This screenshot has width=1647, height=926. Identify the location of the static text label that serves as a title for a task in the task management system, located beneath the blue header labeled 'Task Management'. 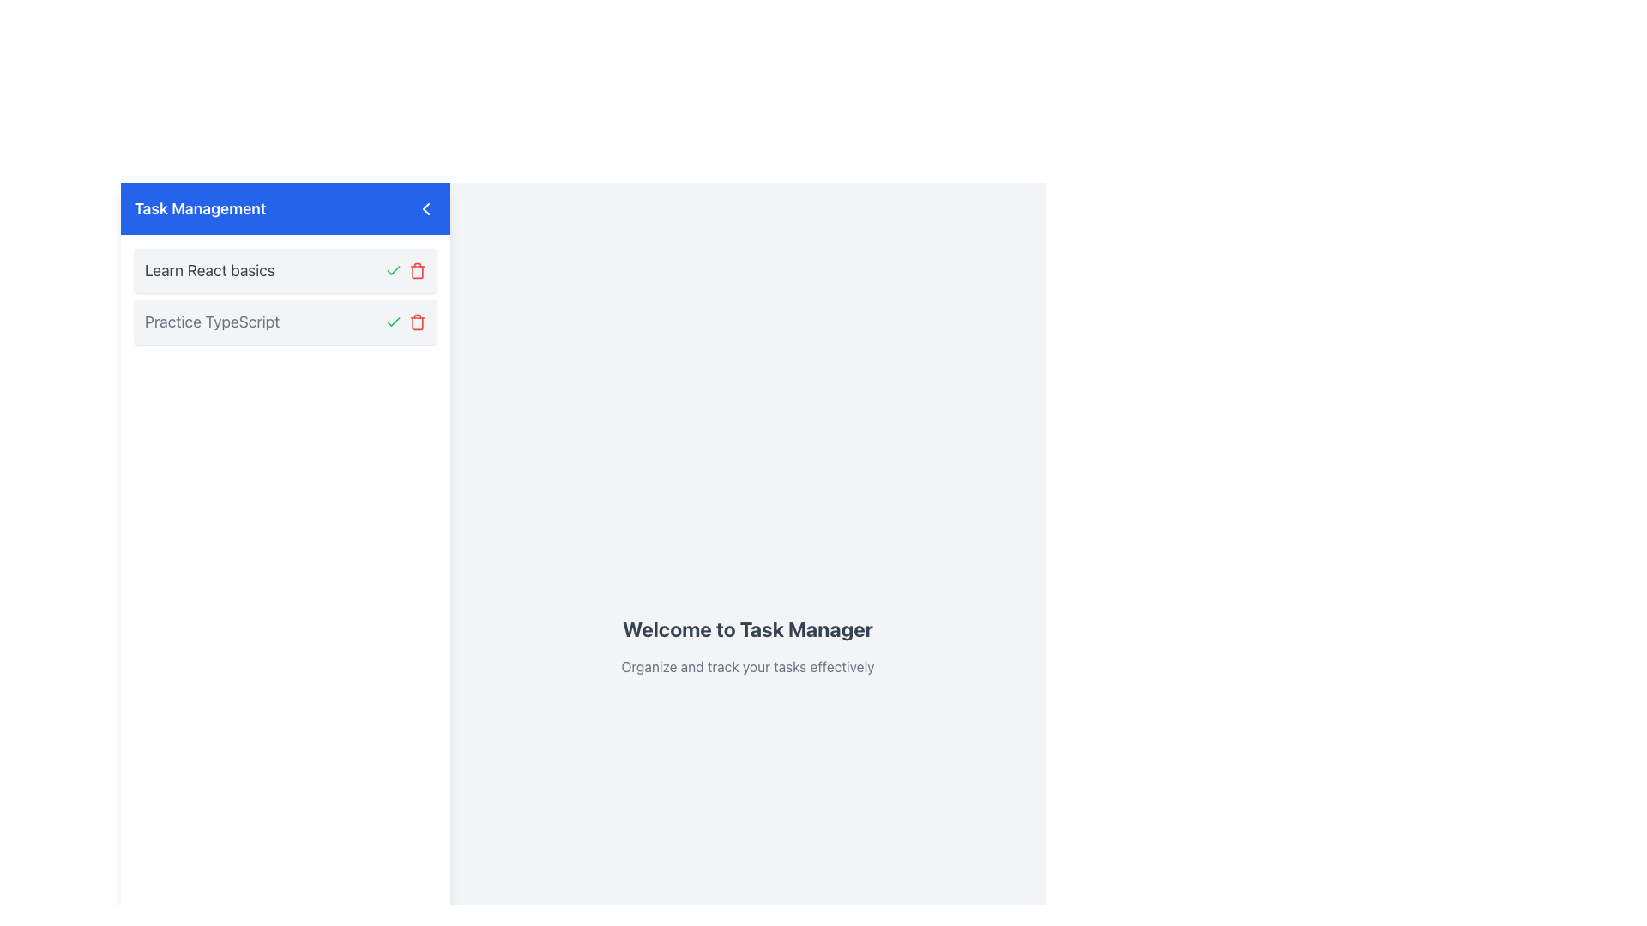
(208, 270).